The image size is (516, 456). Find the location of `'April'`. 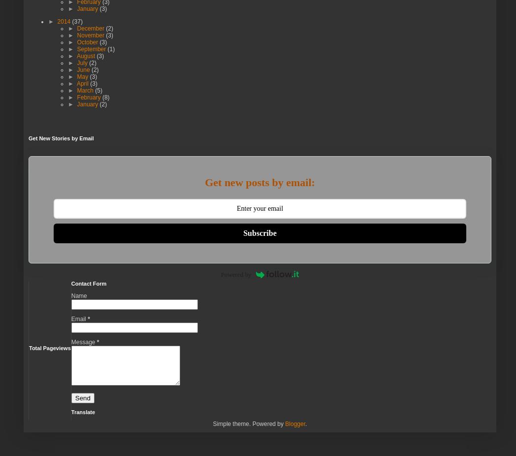

'April' is located at coordinates (76, 83).